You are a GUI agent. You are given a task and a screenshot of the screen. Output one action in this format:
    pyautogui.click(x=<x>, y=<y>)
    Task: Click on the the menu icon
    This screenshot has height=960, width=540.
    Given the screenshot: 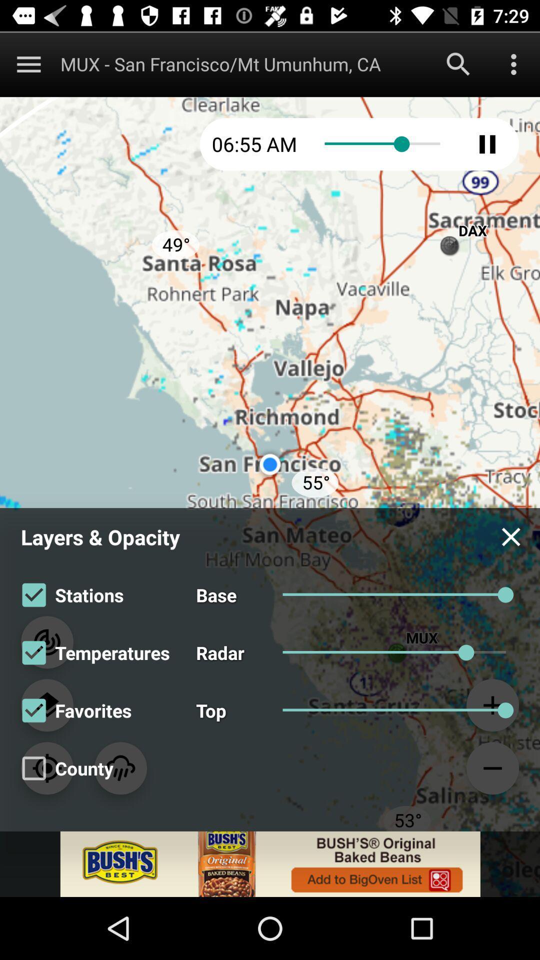 What is the action you would take?
    pyautogui.click(x=28, y=63)
    